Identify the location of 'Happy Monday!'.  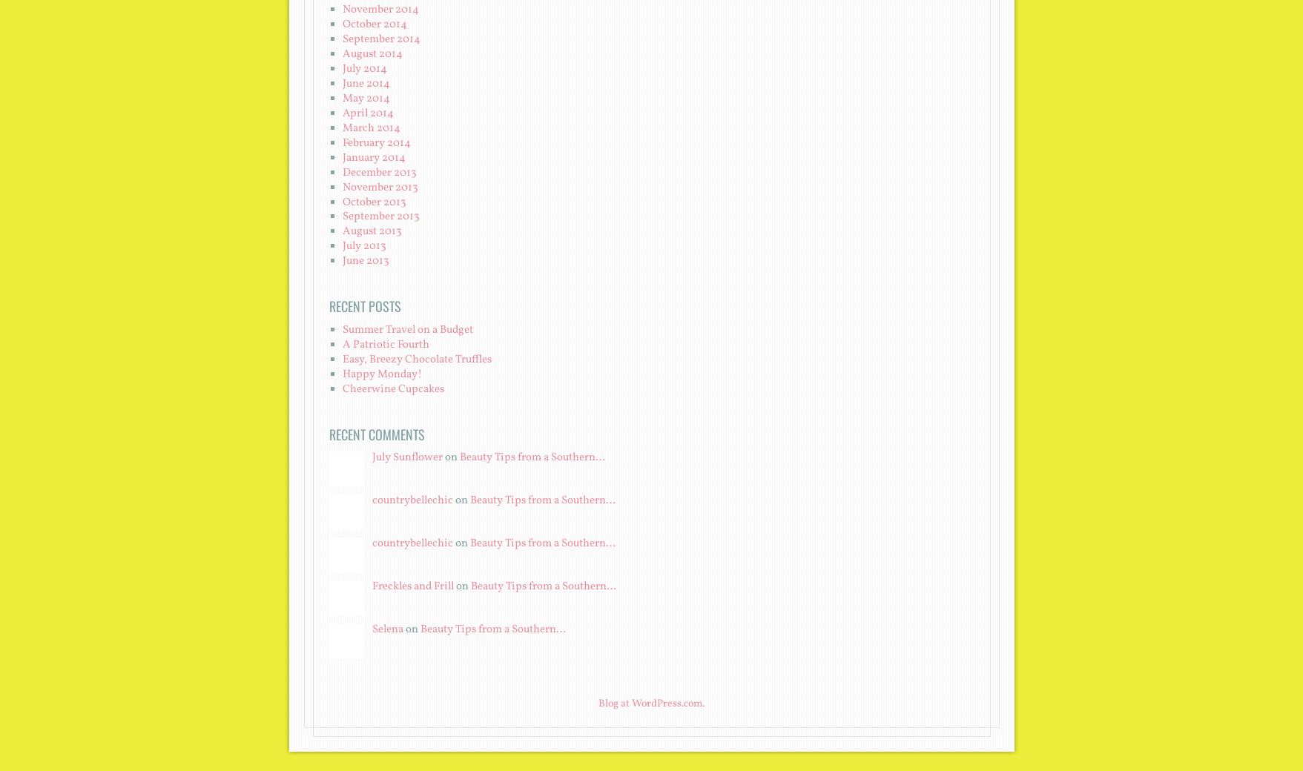
(341, 374).